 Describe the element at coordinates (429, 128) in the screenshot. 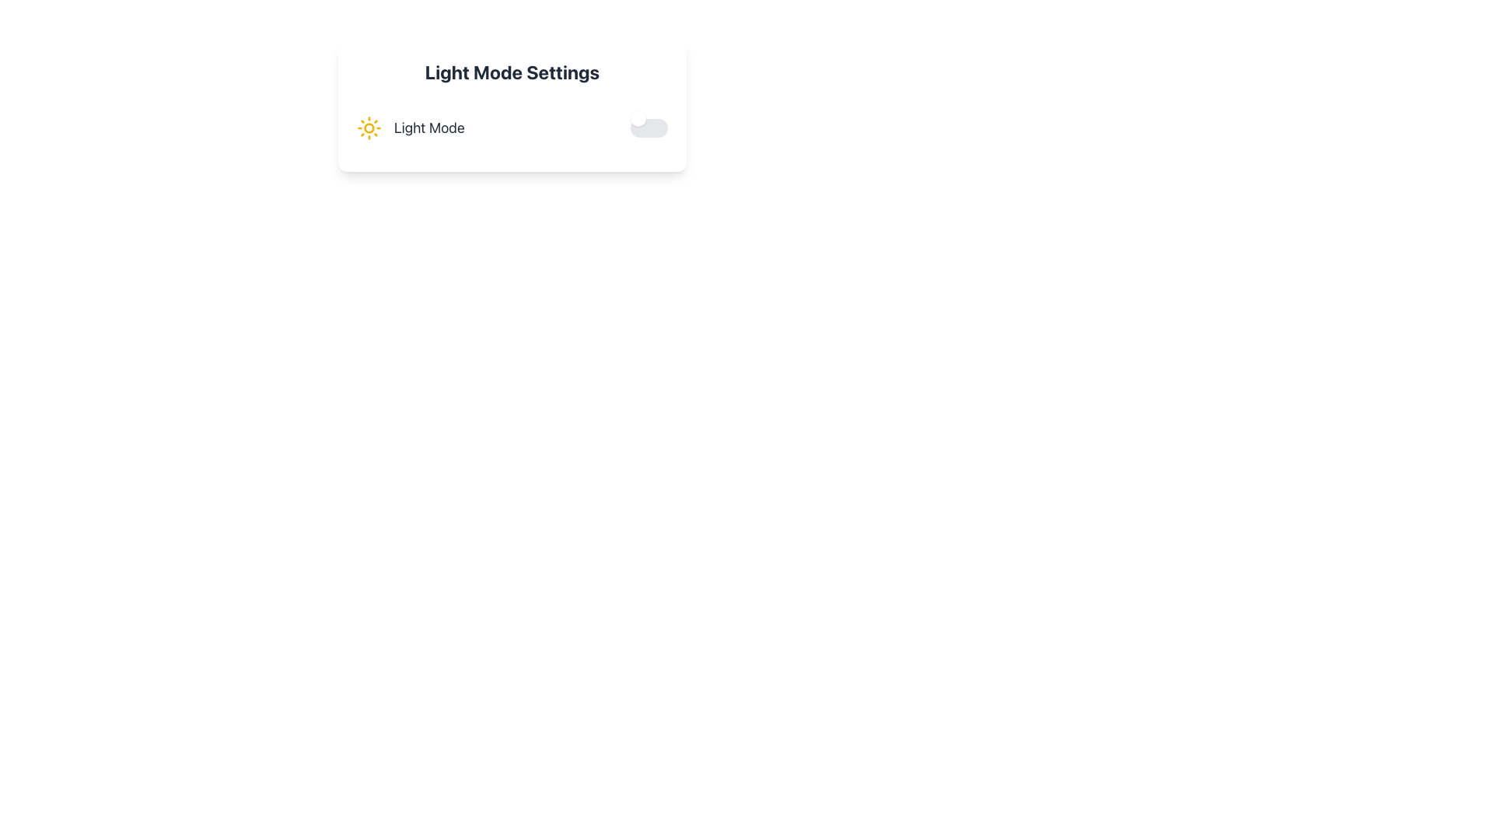

I see `the 'Light Mode' text label, which is displayed in bold with a dark shade, located to the right of a sun icon within a horizontal layout` at that location.